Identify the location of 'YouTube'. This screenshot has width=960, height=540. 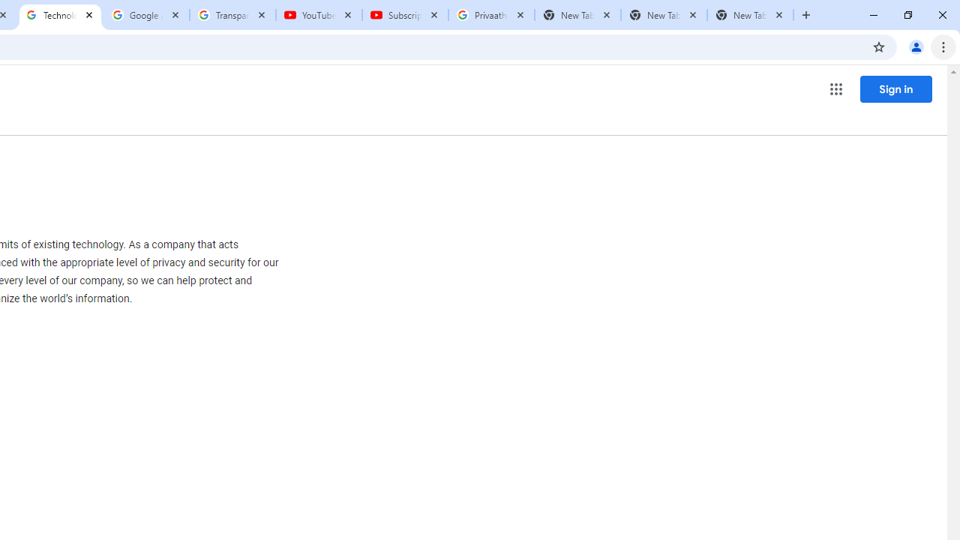
(317, 15).